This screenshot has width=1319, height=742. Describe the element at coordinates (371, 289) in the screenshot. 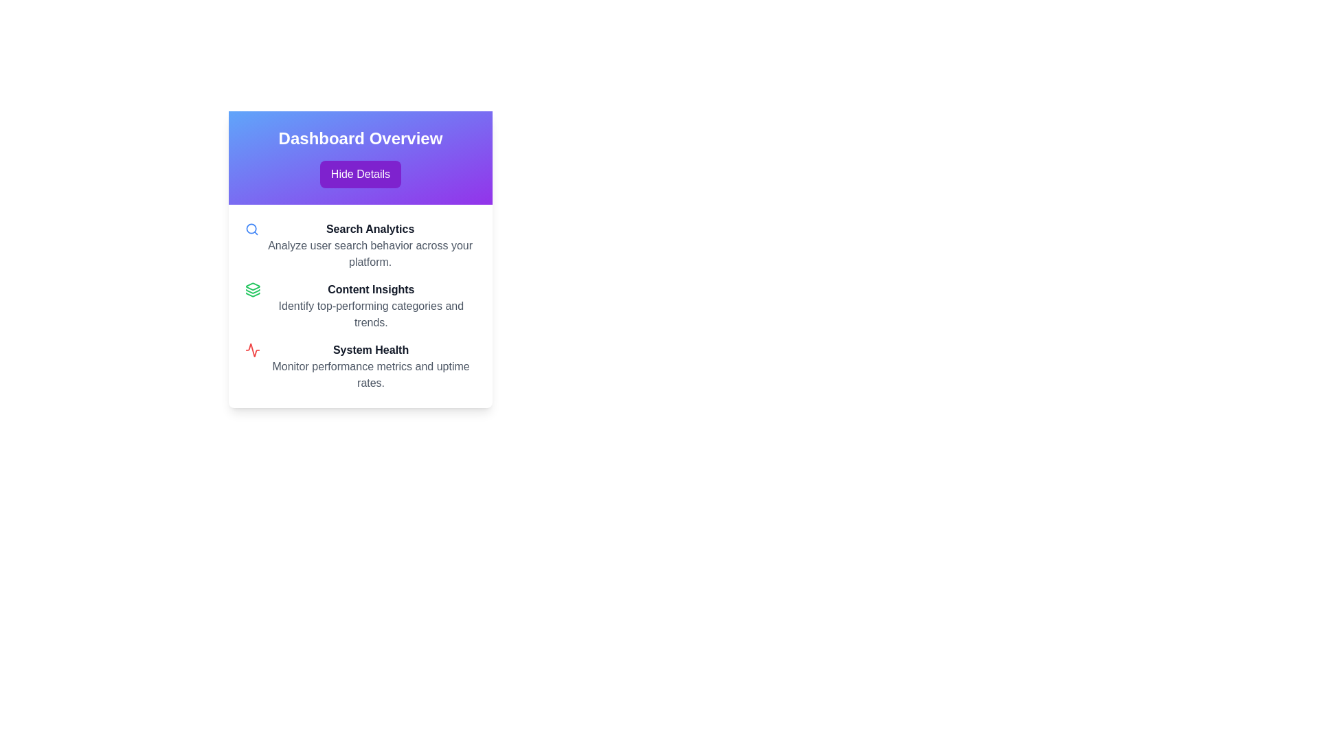

I see `the bold text label 'Content Insights' which serves as the title for contextual descriptive text, located centrally in the interface layout` at that location.